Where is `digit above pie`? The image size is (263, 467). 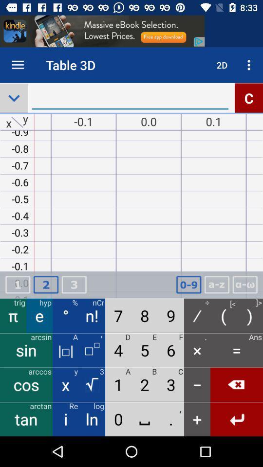 digit above pie is located at coordinates (18, 285).